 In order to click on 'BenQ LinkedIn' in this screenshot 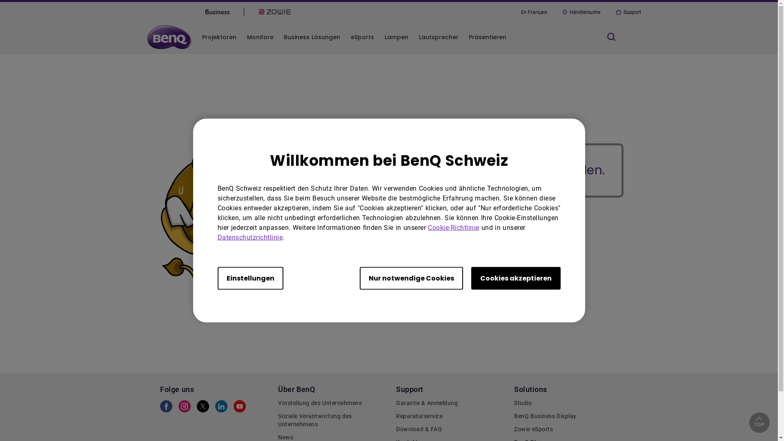, I will do `click(221, 408)`.